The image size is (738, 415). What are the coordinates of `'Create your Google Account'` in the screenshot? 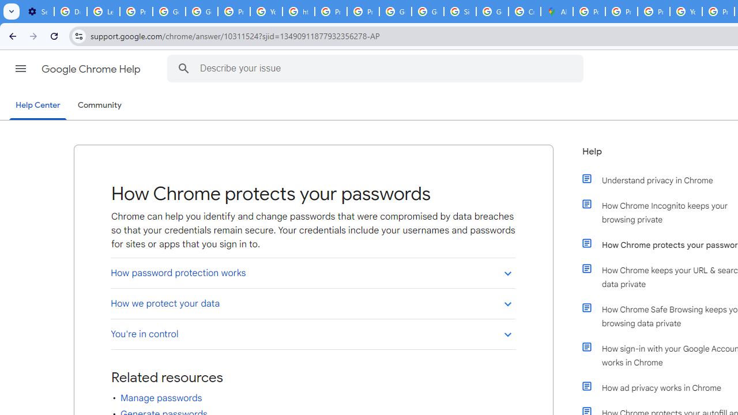 It's located at (524, 12).